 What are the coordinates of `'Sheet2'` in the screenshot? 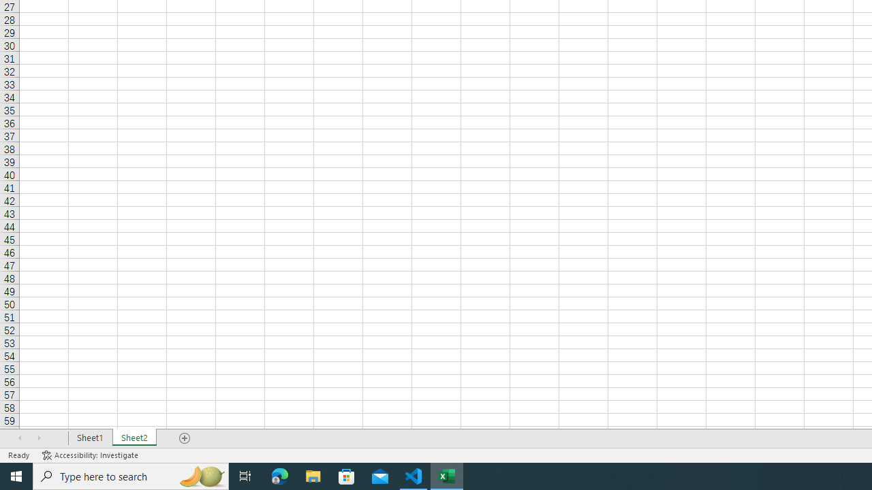 It's located at (134, 438).